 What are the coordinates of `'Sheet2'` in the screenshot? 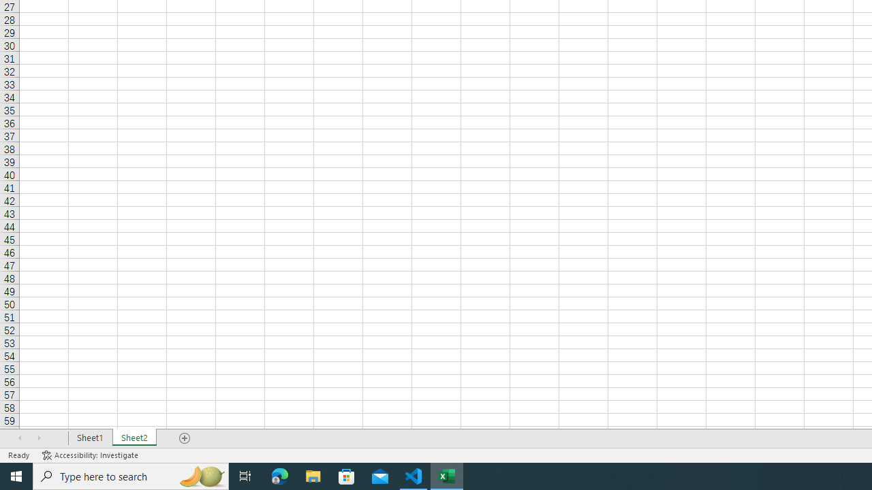 It's located at (134, 438).